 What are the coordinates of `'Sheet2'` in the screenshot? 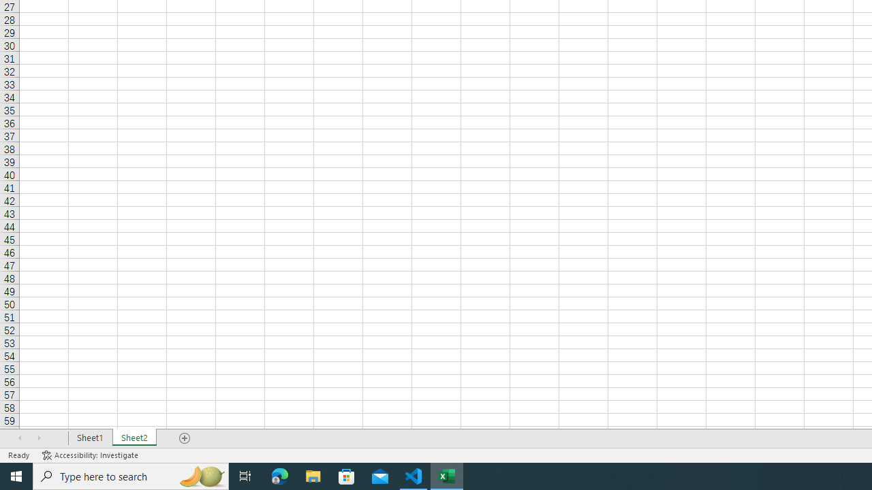 It's located at (134, 438).